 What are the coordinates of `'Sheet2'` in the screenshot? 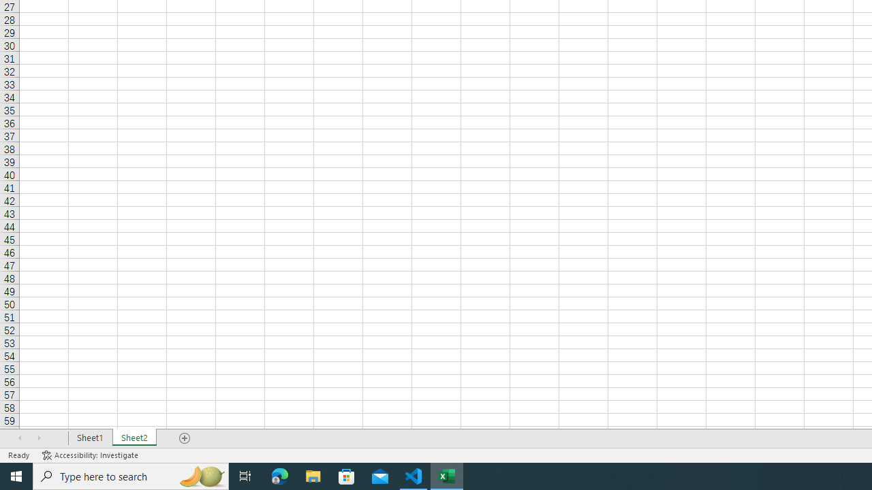 It's located at (134, 438).